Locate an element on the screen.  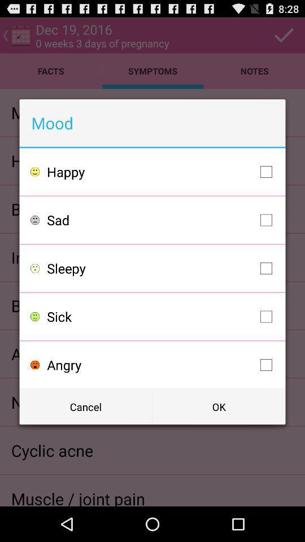
the item to the left of the ok is located at coordinates (85, 406).